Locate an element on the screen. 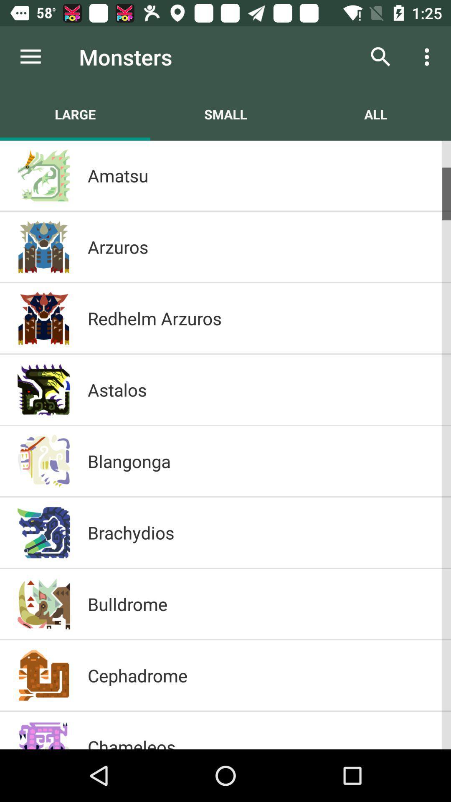  icon above the all item is located at coordinates (429, 56).